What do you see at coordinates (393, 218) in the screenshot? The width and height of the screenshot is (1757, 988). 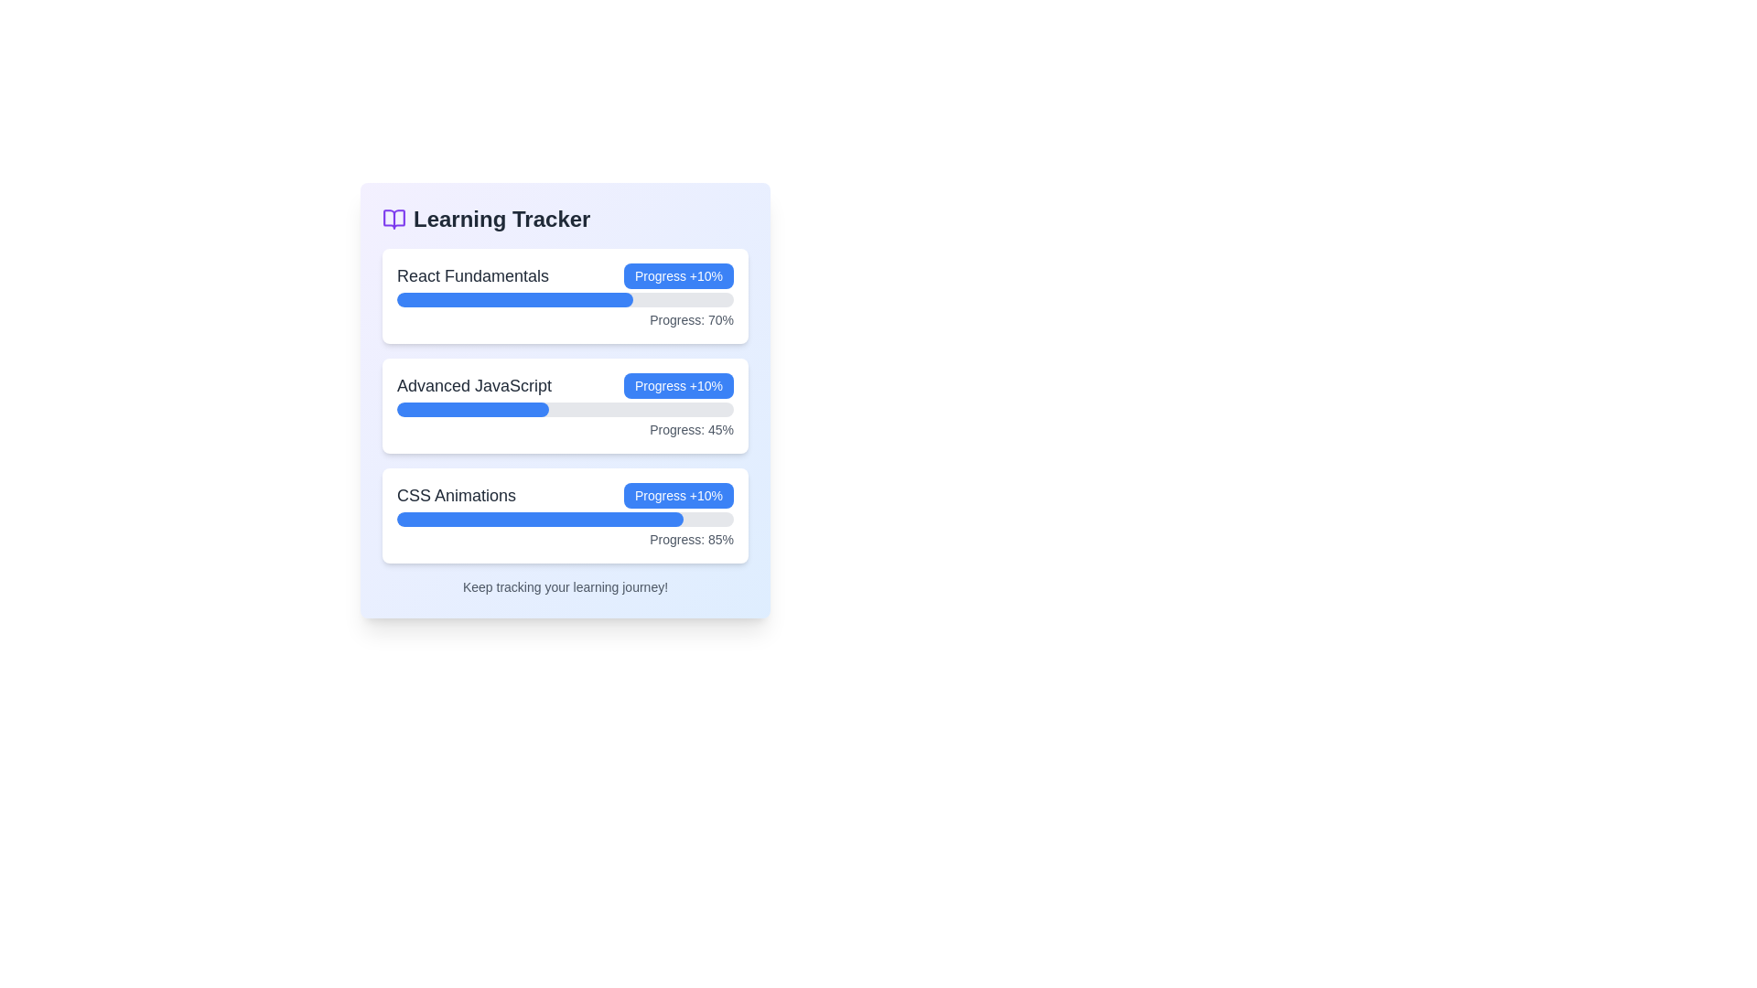 I see `the violet open book icon located to the left of the 'Learning Tracker' text in the top-left portion of the card layout` at bounding box center [393, 218].